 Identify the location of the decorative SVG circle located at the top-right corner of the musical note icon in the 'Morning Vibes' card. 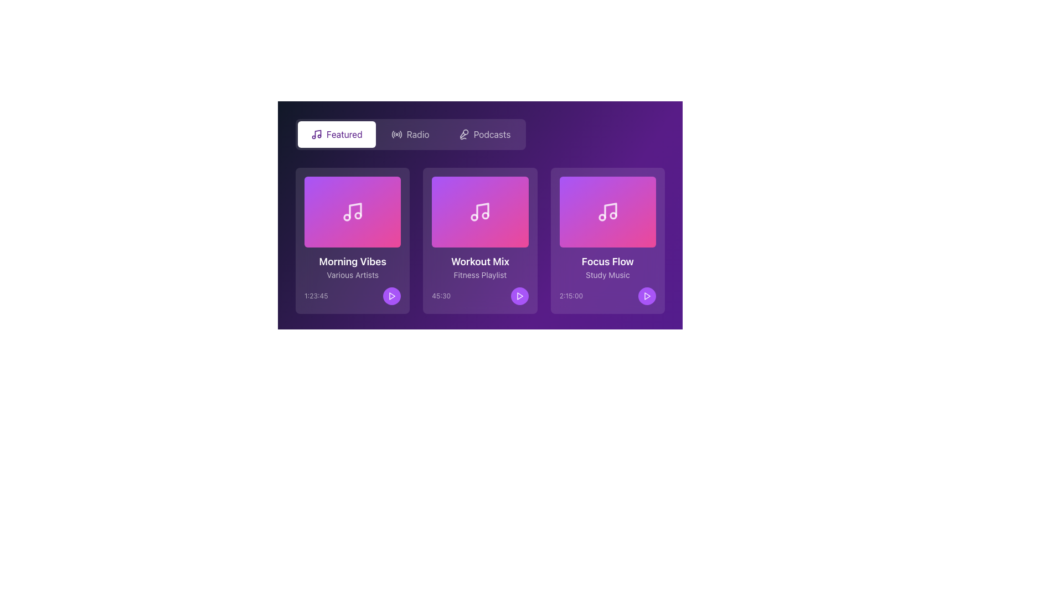
(358, 215).